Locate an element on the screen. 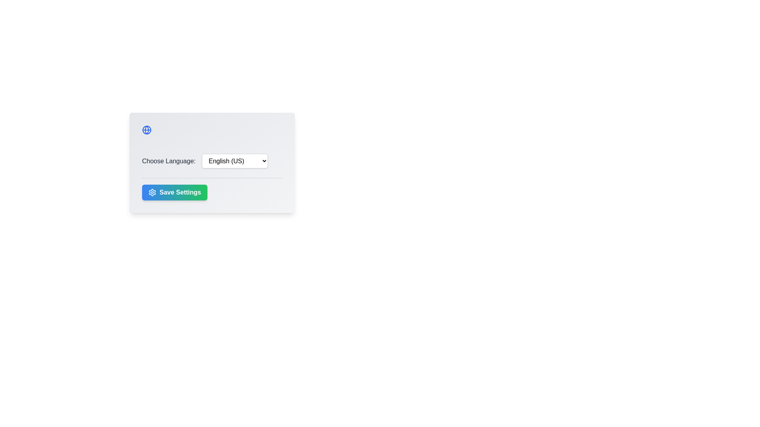 This screenshot has height=427, width=760. the small gear icon representing settings, which is located within the 'Save Settings' button at the bottom of the card interface is located at coordinates (152, 192).